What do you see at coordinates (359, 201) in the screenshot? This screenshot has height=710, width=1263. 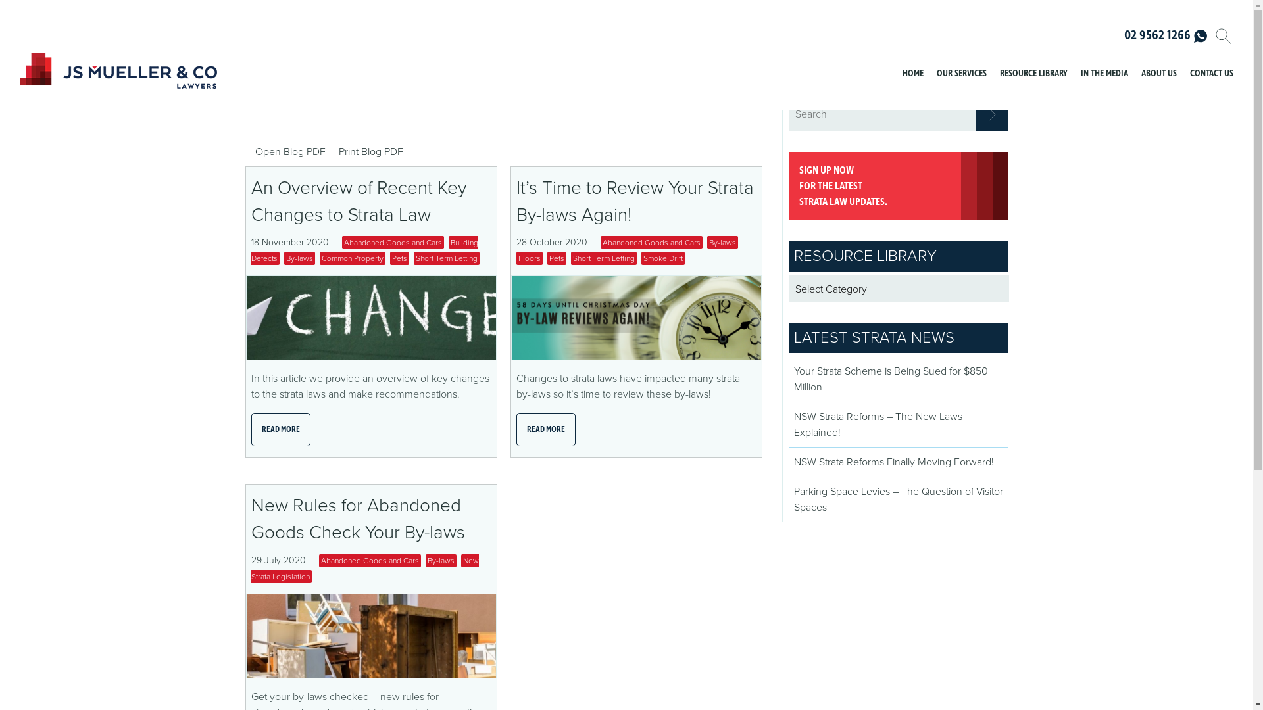 I see `'An Overview of Recent Key Changes to Strata Law'` at bounding box center [359, 201].